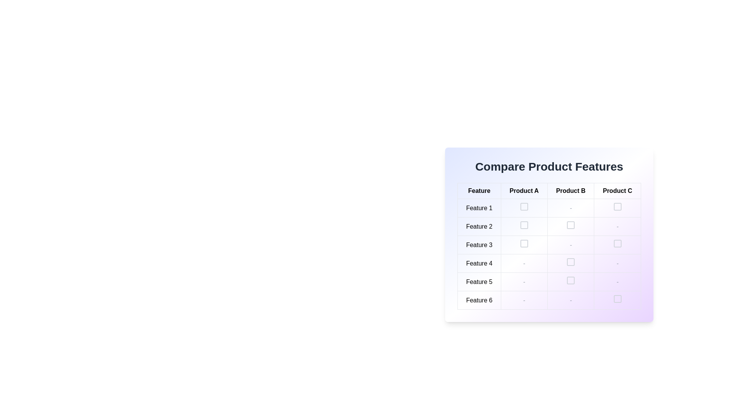  Describe the element at coordinates (617, 191) in the screenshot. I see `the 'Product C' header cell in the product feature comparison table, which is the last column header positioned to the right of 'Product B'` at that location.